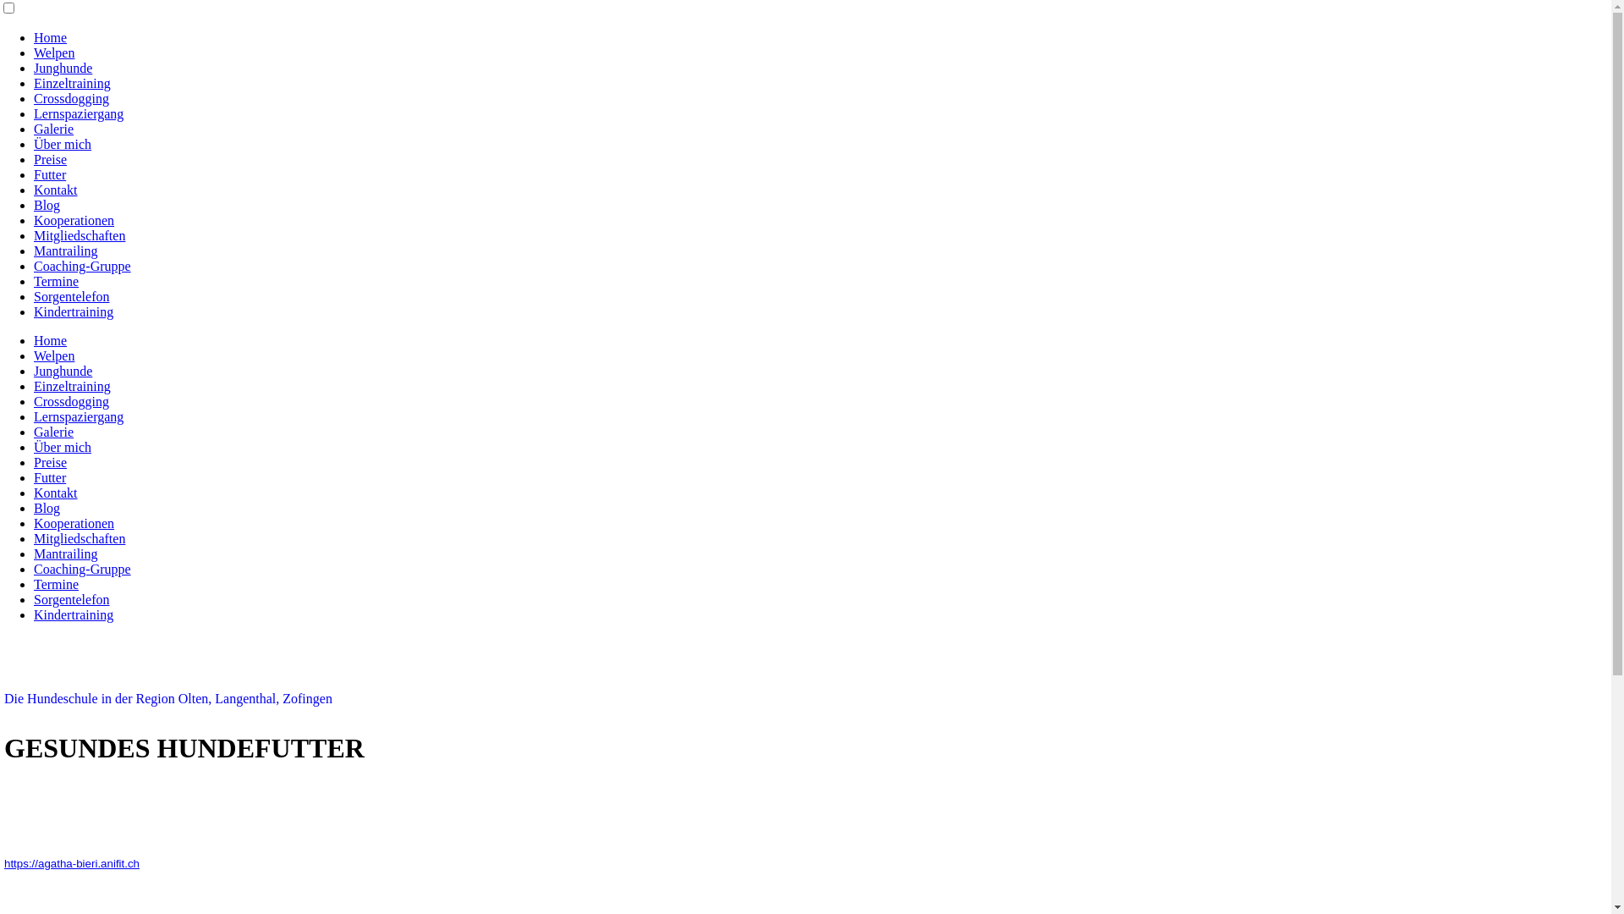 The width and height of the screenshot is (1624, 914). I want to click on 'Home', so click(50, 340).